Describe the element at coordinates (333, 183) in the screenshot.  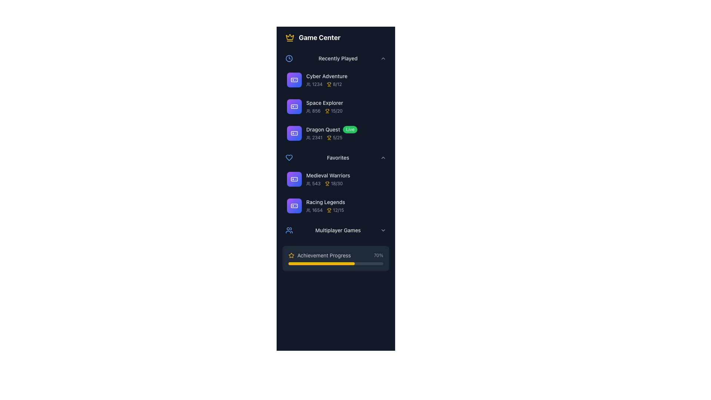
I see `the mixed element comprising a trophy icon and the text '18/30' in the 'Favorites' group under the 'Medieval Warriors' section in the 'Game Center'` at that location.